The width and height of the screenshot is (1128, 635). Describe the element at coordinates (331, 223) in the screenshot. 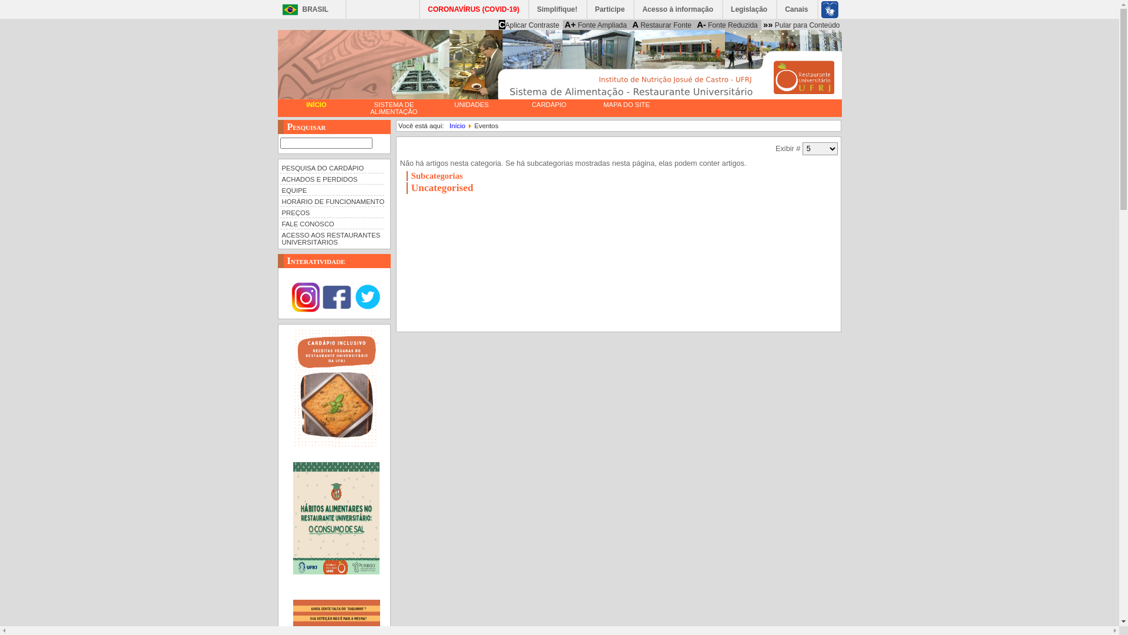

I see `'FALE CONOSCO'` at that location.